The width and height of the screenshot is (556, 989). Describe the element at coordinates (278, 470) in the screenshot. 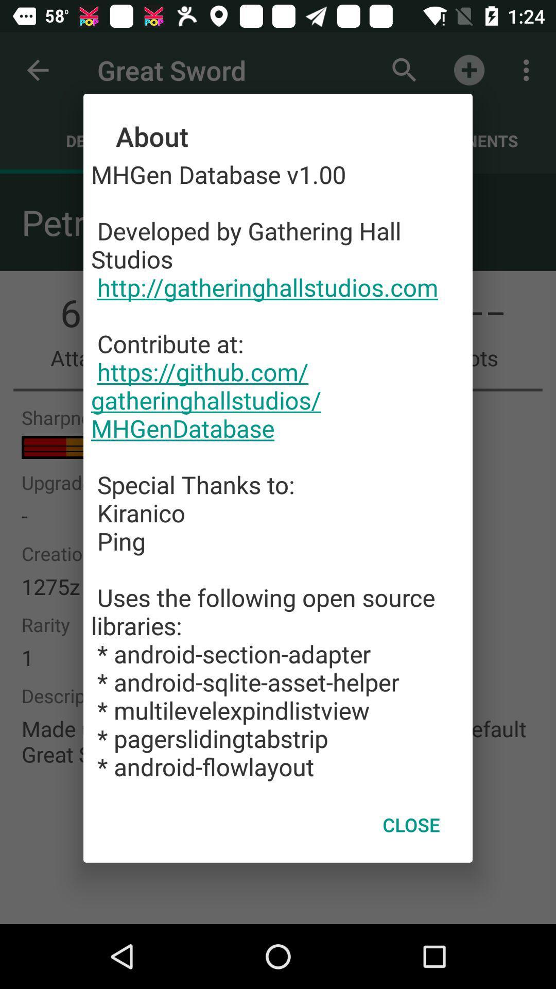

I see `the item above the close` at that location.